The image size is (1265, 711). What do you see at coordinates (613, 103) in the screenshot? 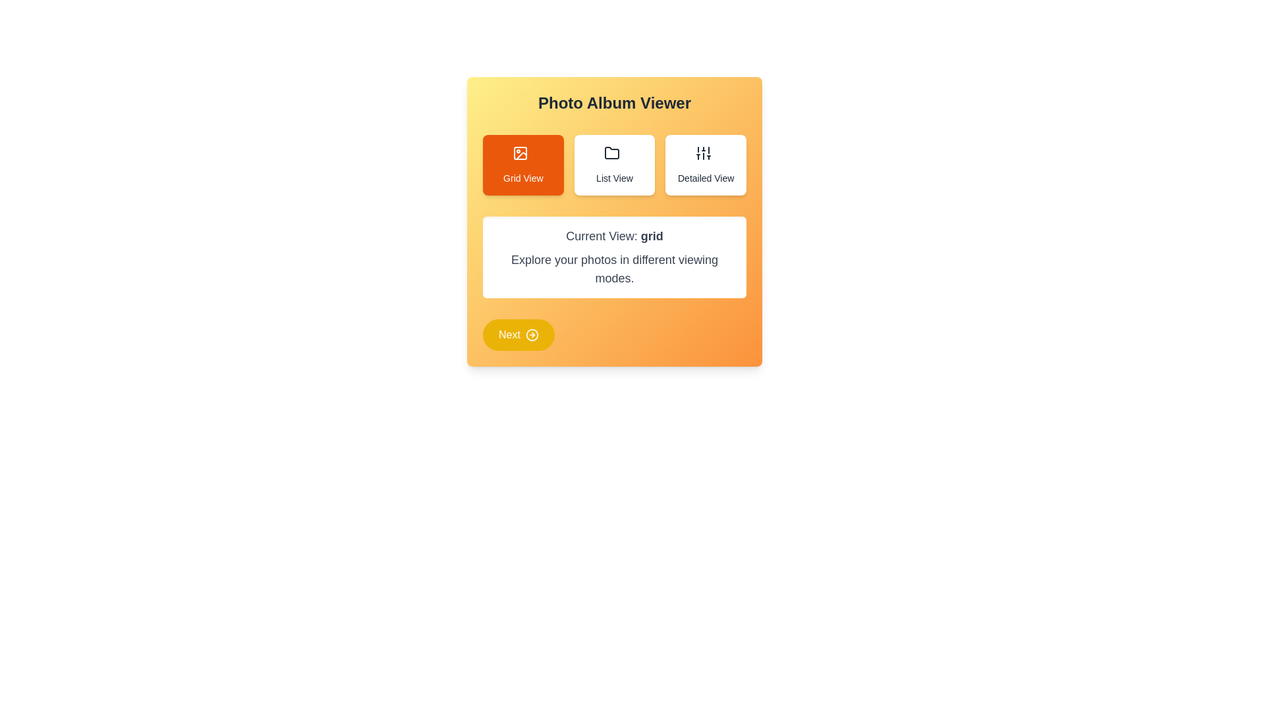
I see `the bold, large-sized, sans-serif text reading 'Photo Album Viewer' which is centrally aligned at the top of a vibrant, orange gradient card` at bounding box center [613, 103].